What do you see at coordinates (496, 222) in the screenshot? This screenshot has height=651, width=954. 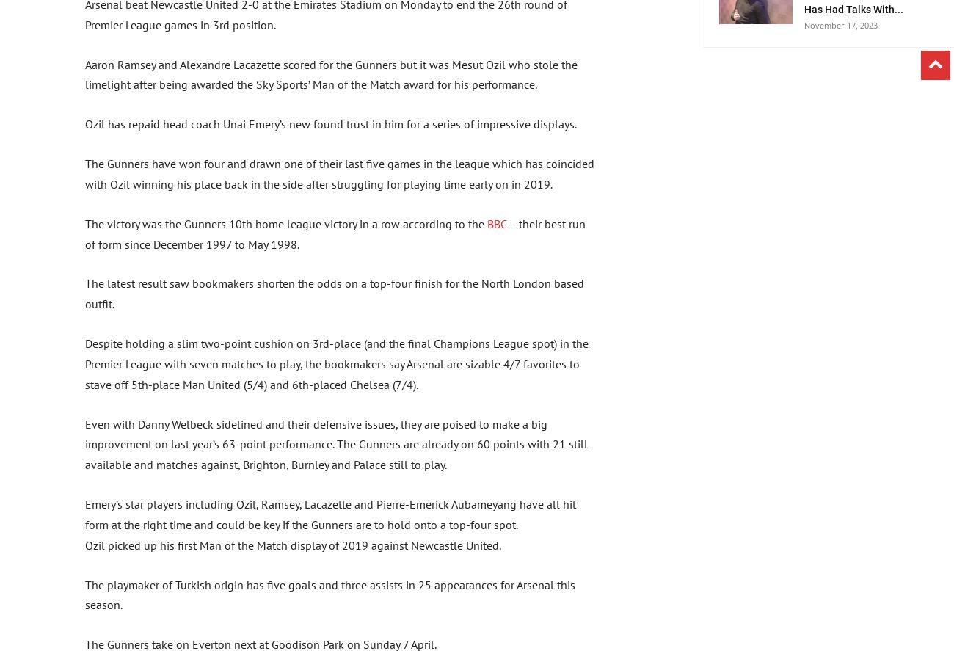 I see `'BBC'` at bounding box center [496, 222].